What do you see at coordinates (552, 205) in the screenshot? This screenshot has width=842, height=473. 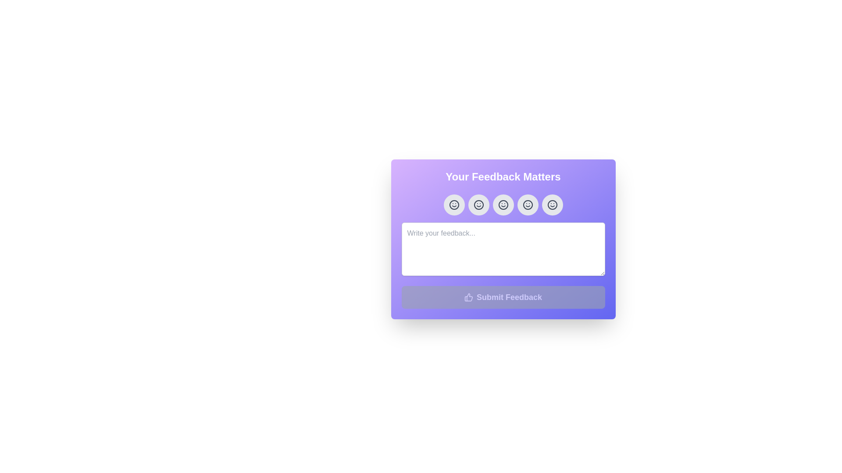 I see `the central circle representing the nose of the smiley face icon in the fifth position of the row of horizontally aligned smiley face icons, located near the top-center of the feedback form` at bounding box center [552, 205].